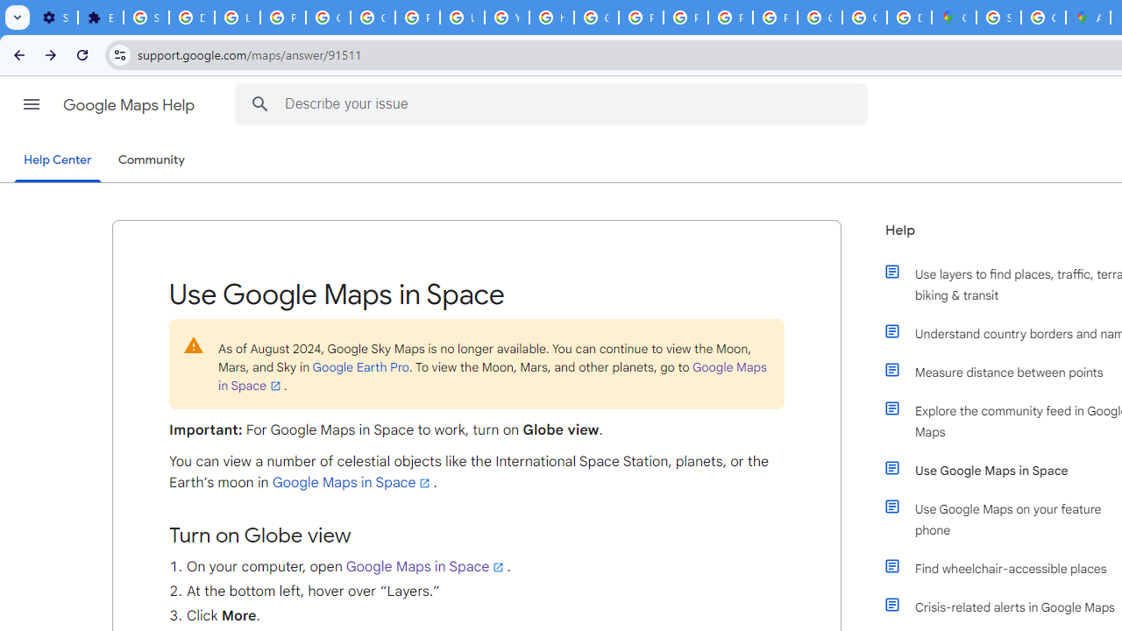  I want to click on 'Google Maps Help', so click(130, 104).